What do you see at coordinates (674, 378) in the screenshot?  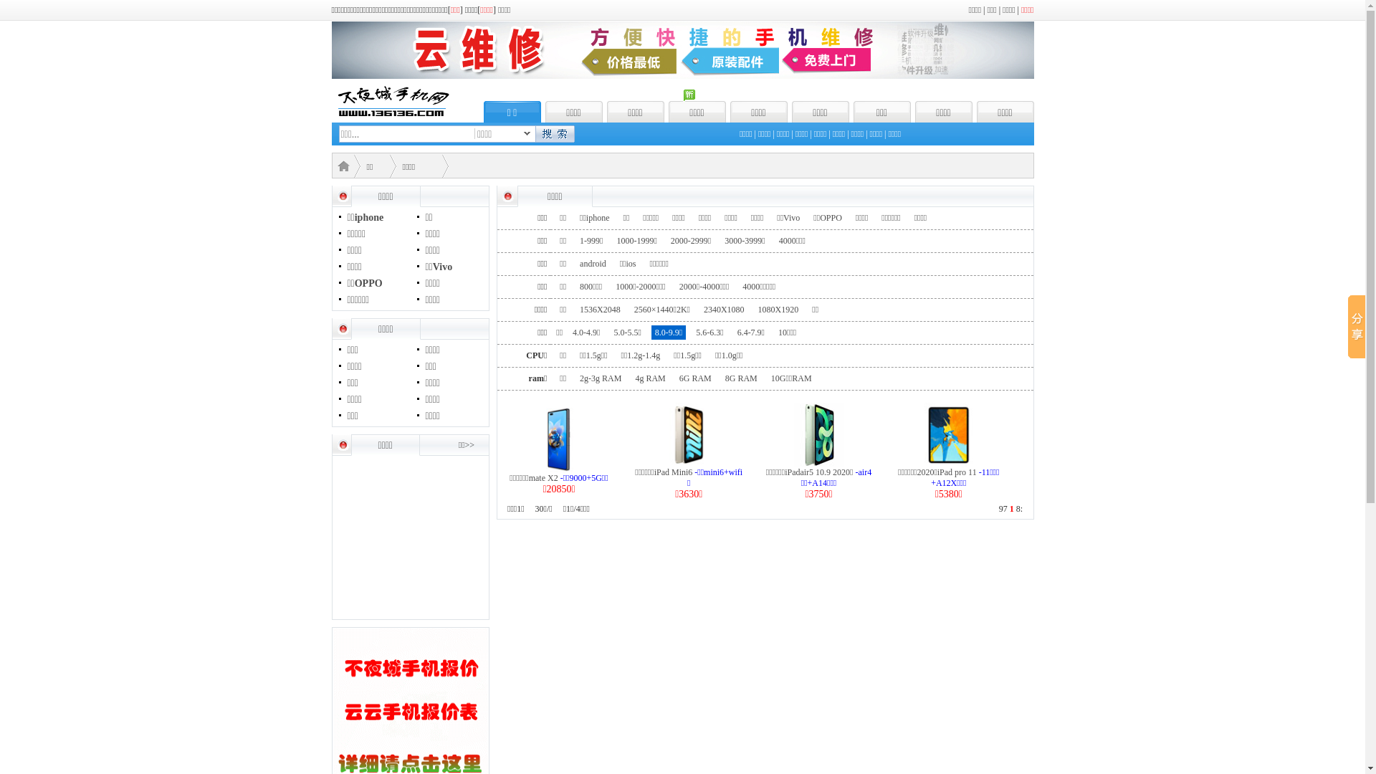 I see `'6G RAM'` at bounding box center [674, 378].